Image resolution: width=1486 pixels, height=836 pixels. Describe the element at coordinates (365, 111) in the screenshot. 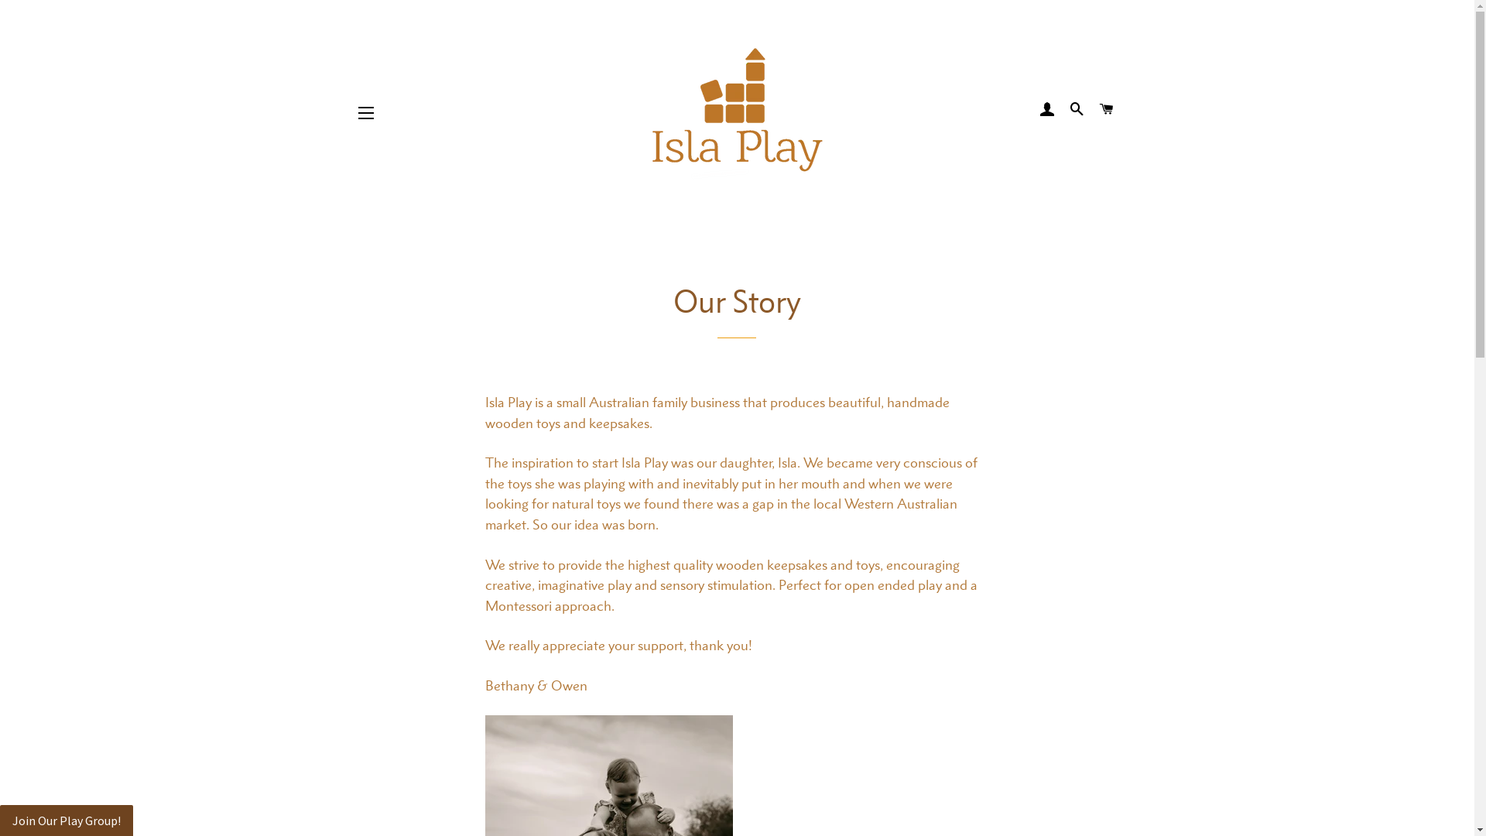

I see `'SITE NAVIGATION'` at that location.